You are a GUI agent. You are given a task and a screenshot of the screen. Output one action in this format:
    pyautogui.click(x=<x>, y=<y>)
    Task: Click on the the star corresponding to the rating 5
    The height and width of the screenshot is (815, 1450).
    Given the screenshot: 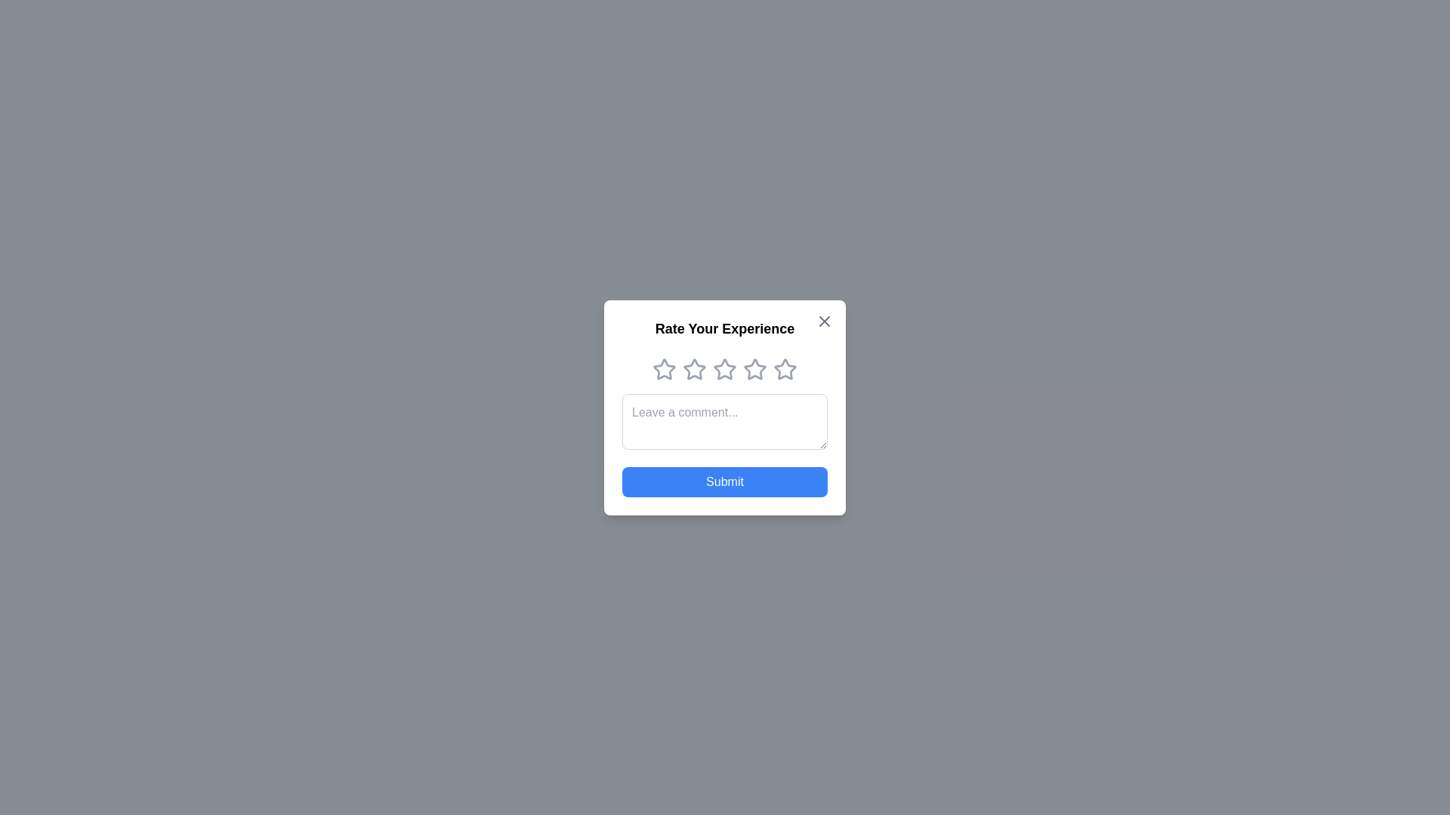 What is the action you would take?
    pyautogui.click(x=785, y=369)
    